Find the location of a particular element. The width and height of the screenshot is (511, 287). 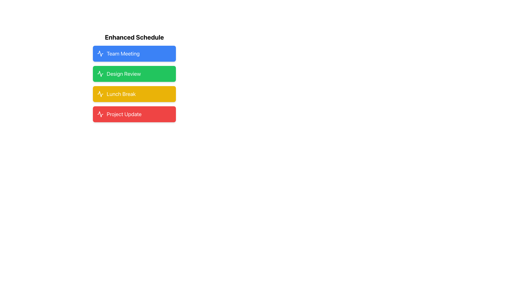

the icon representing the 'Team Meeting' item, which is located at the top of the list on the left side of the blue card under the 'Enhanced Schedule' heading is located at coordinates (100, 53).